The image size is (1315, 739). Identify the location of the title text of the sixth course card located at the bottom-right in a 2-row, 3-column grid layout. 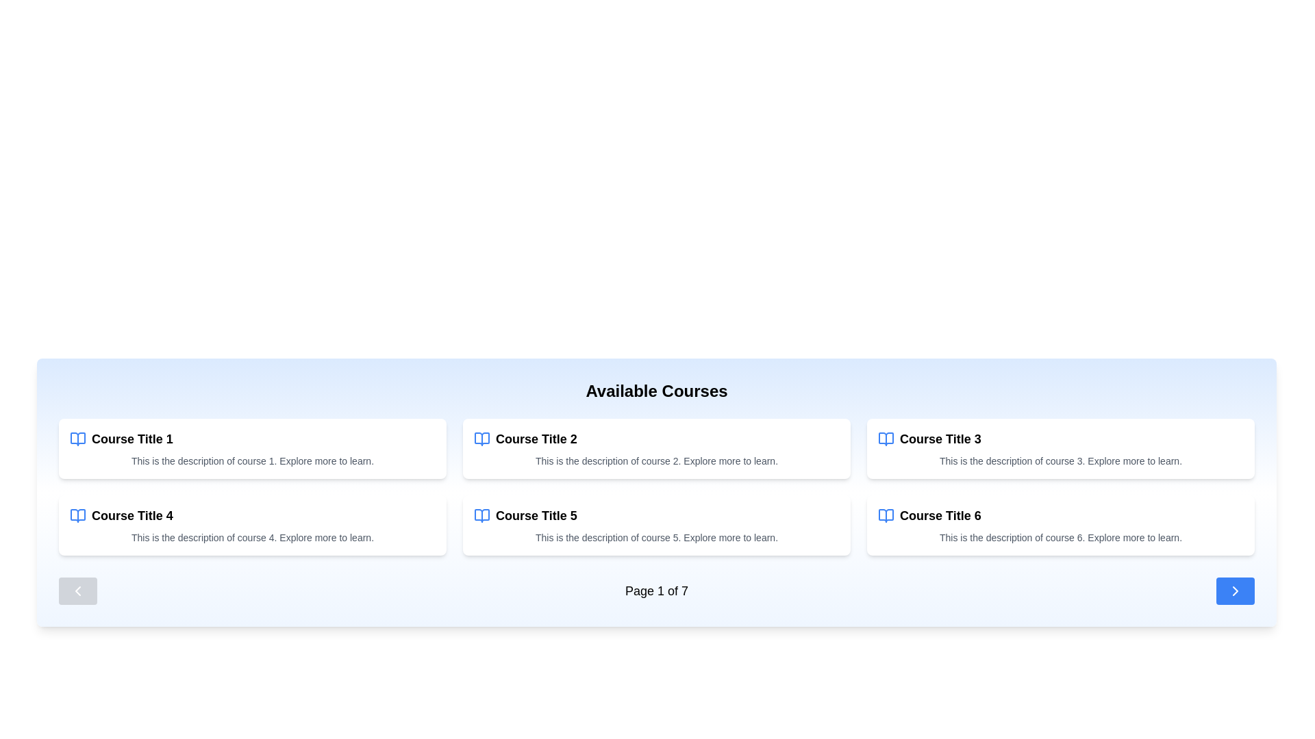
(940, 515).